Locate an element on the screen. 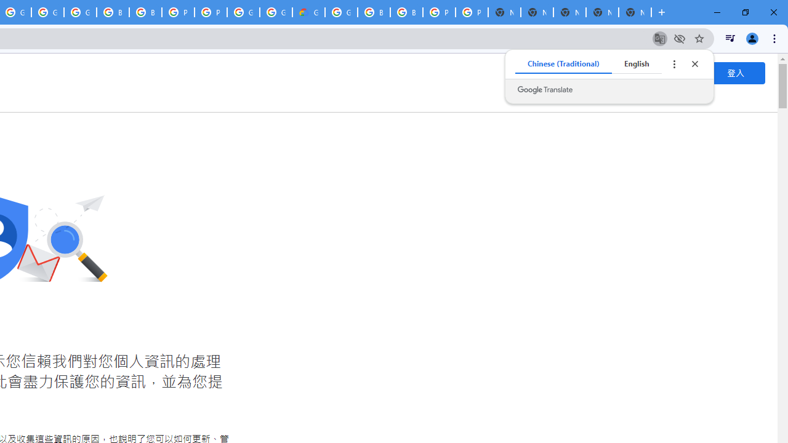 This screenshot has height=443, width=788. 'English' is located at coordinates (637, 64).